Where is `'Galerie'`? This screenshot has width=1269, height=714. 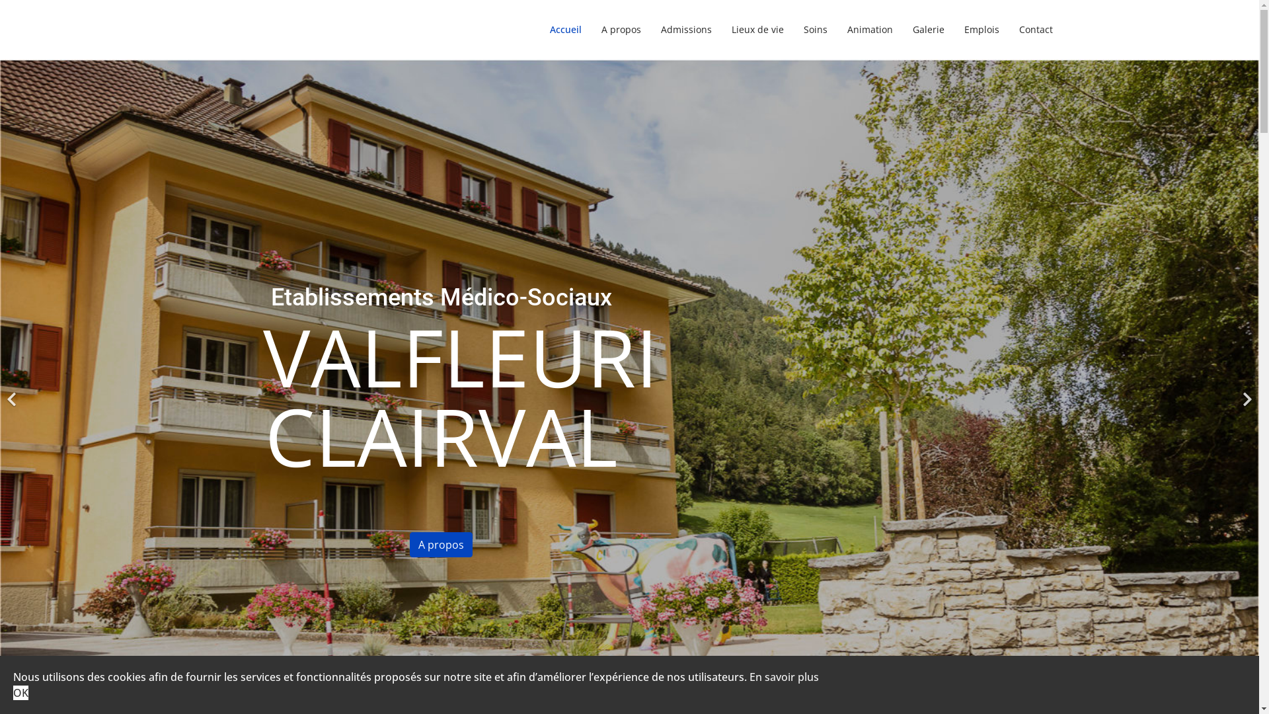 'Galerie' is located at coordinates (928, 30).